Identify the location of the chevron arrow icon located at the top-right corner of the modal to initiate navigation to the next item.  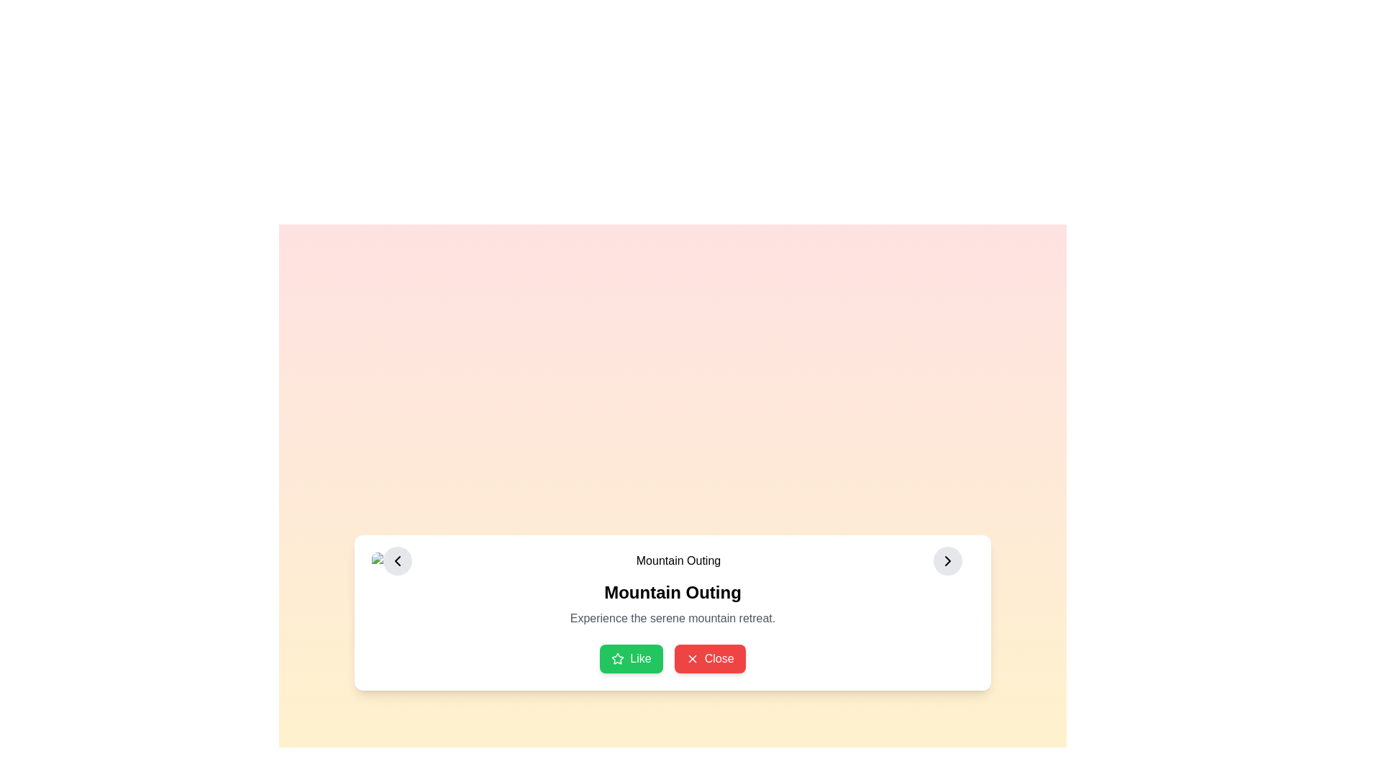
(948, 560).